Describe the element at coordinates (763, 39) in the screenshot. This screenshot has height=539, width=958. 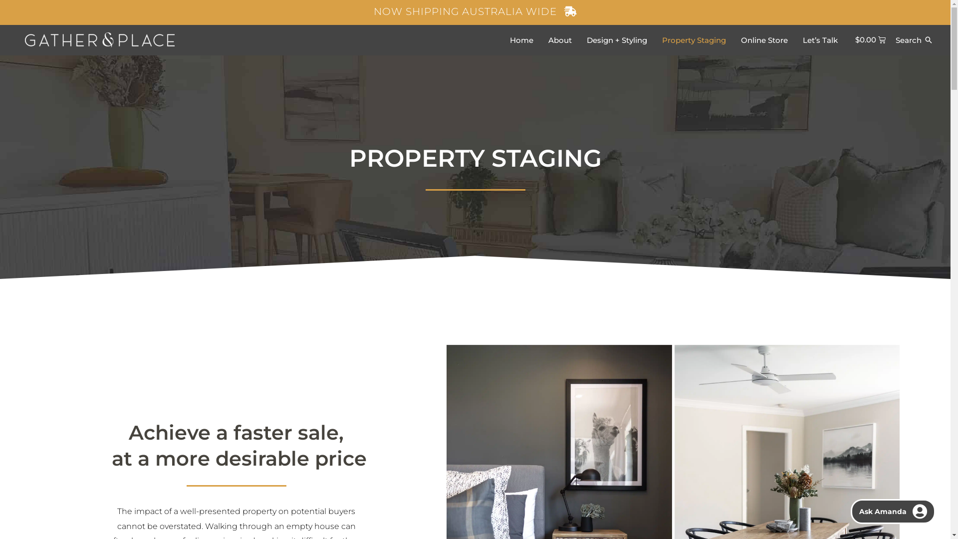
I see `'Online Store'` at that location.